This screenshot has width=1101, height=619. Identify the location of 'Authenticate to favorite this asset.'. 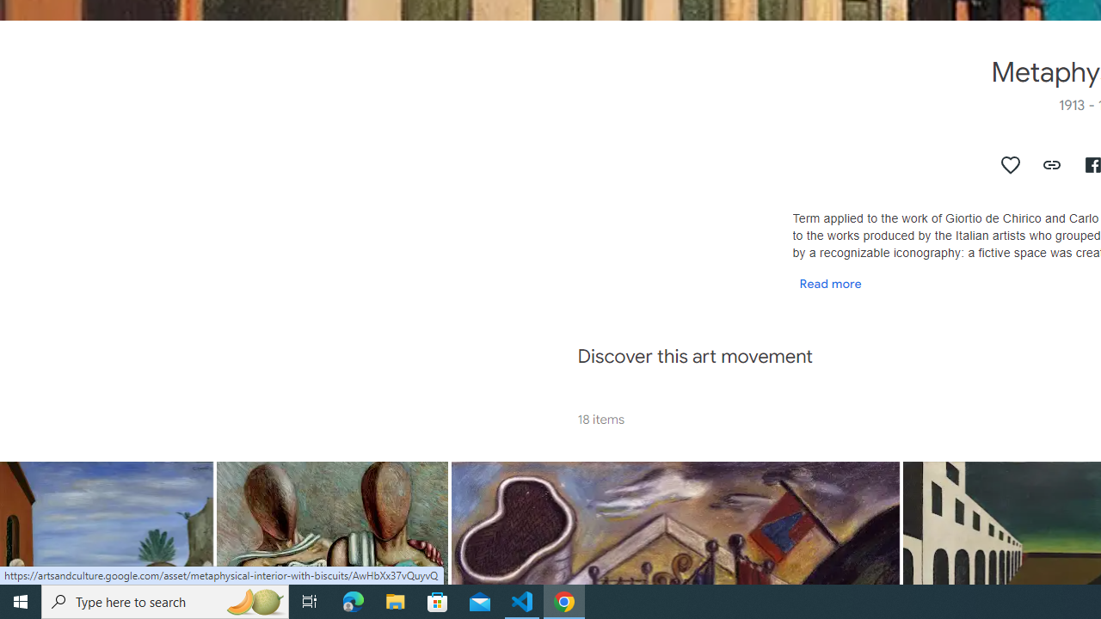
(1011, 164).